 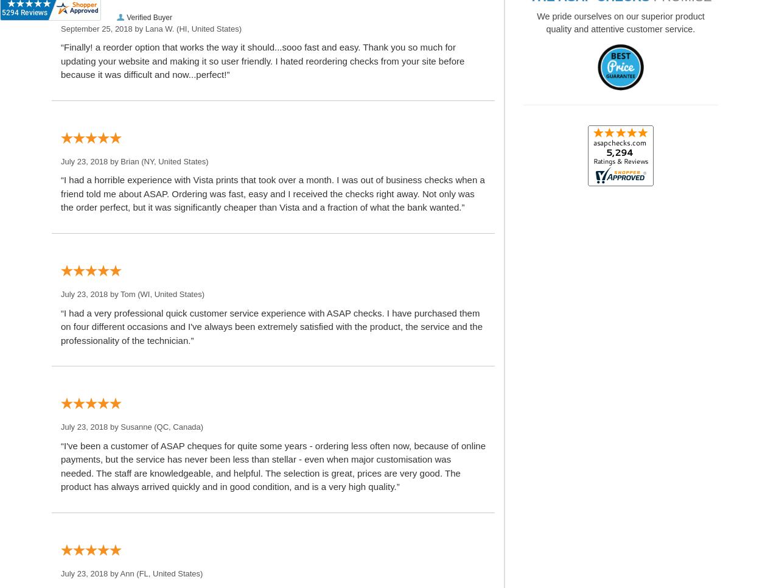 What do you see at coordinates (136, 426) in the screenshot?
I see `'Susanne'` at bounding box center [136, 426].